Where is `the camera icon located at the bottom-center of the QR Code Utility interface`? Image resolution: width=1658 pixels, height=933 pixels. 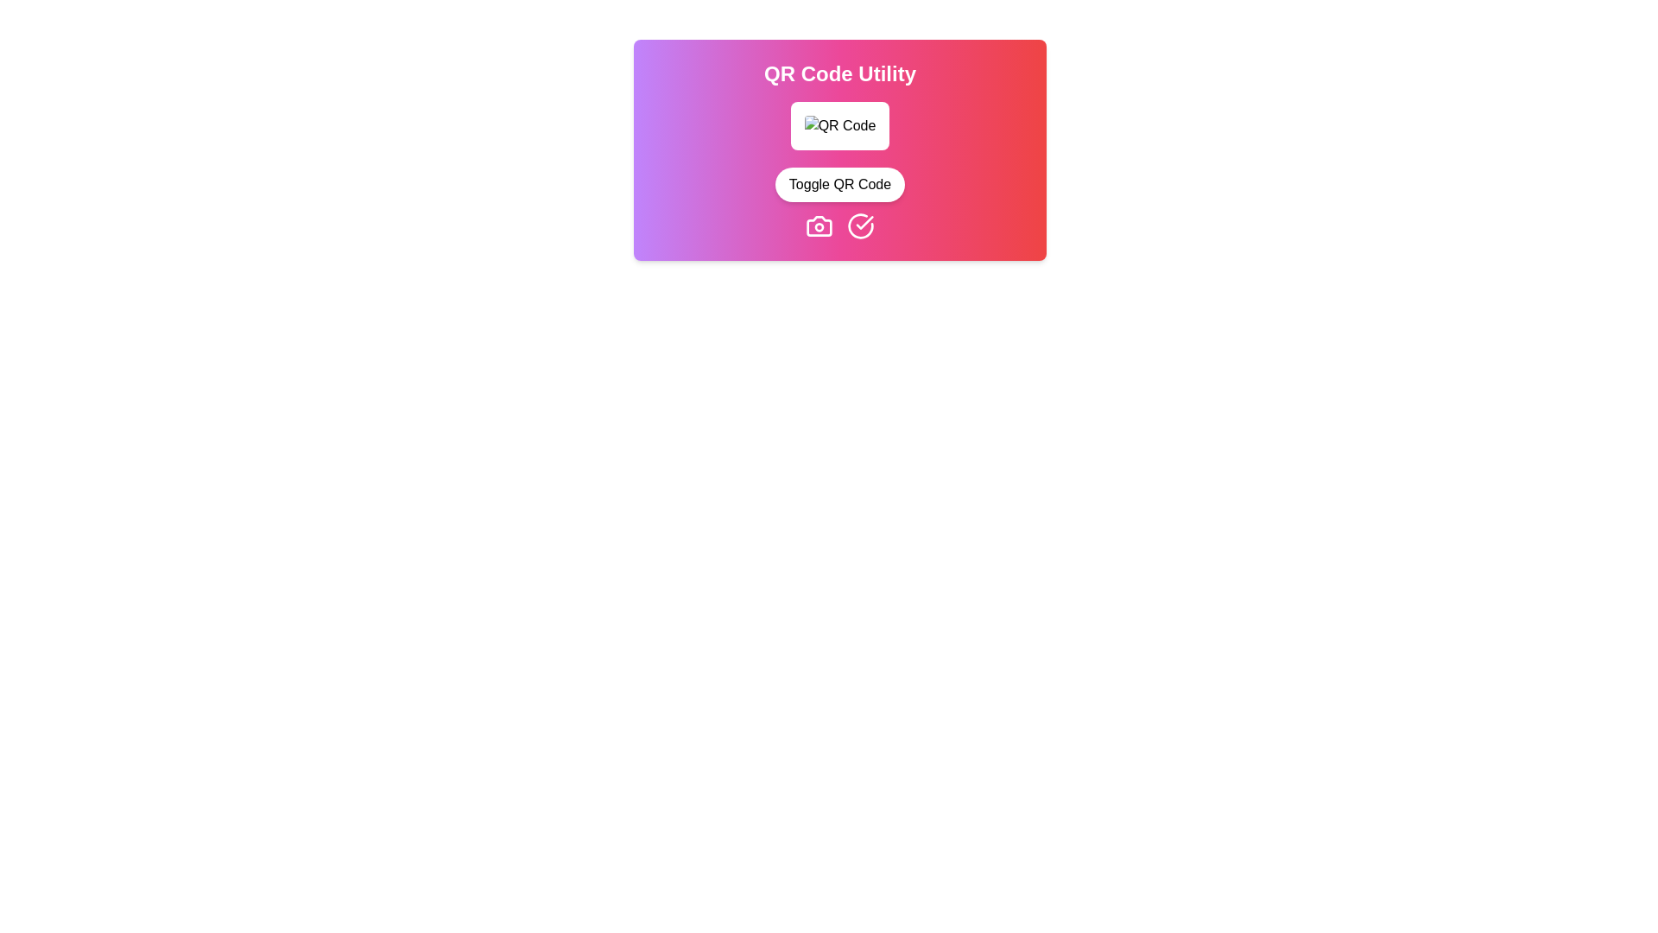
the camera icon located at the bottom-center of the QR Code Utility interface is located at coordinates (819, 225).